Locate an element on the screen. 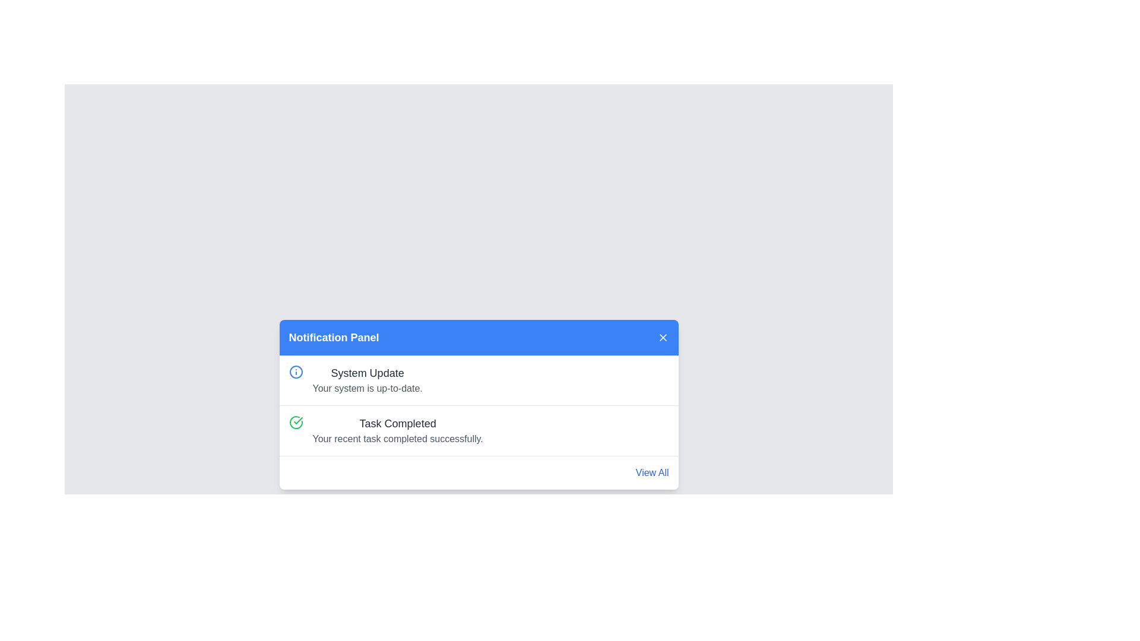 This screenshot has width=1140, height=641. the success message text label indicating task completion, located in the lower section of the notification card is located at coordinates (398, 423).